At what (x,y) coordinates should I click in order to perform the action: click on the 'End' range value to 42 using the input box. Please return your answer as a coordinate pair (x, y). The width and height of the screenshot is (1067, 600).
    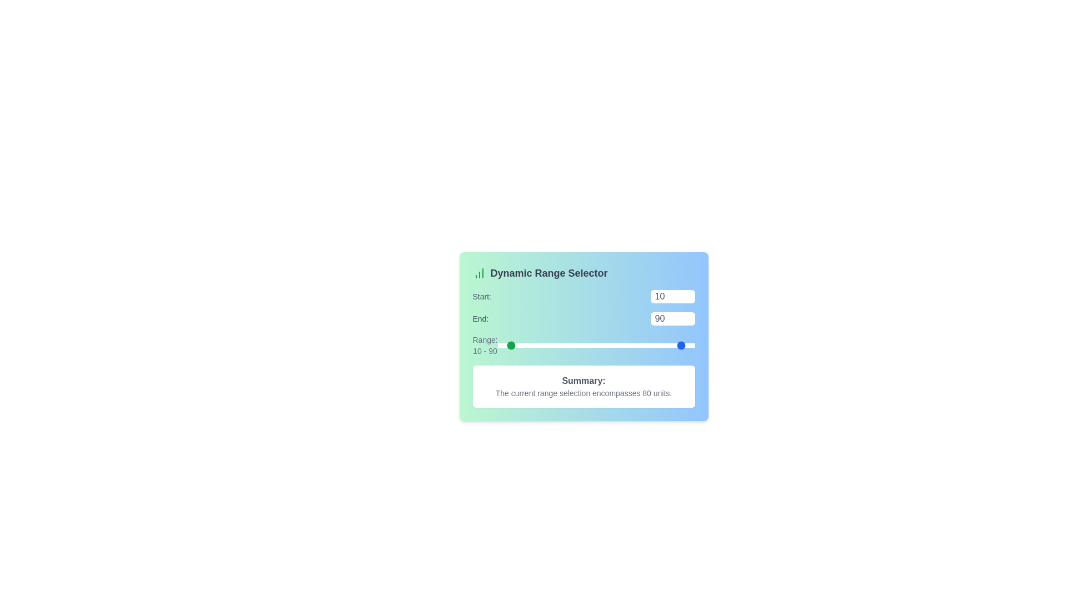
    Looking at the image, I should click on (672, 319).